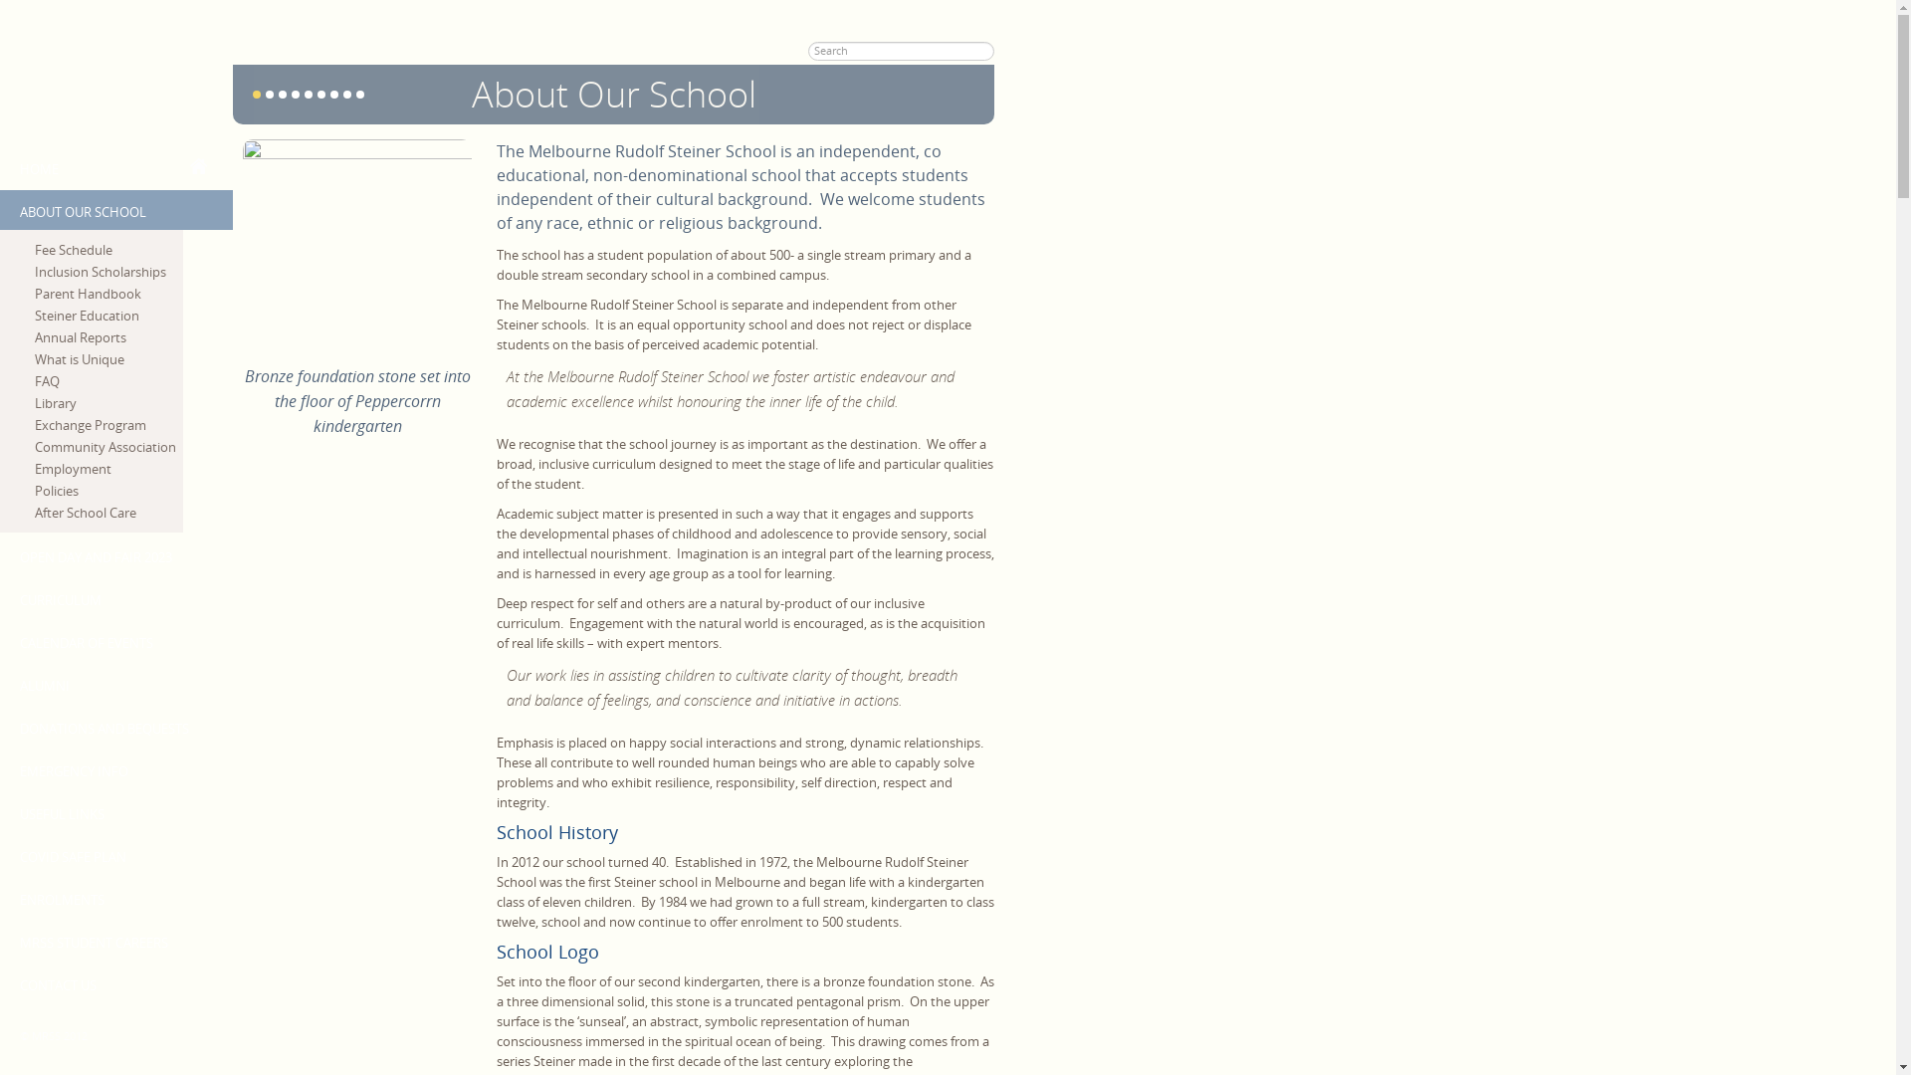  What do you see at coordinates (107, 468) in the screenshot?
I see `'Employment'` at bounding box center [107, 468].